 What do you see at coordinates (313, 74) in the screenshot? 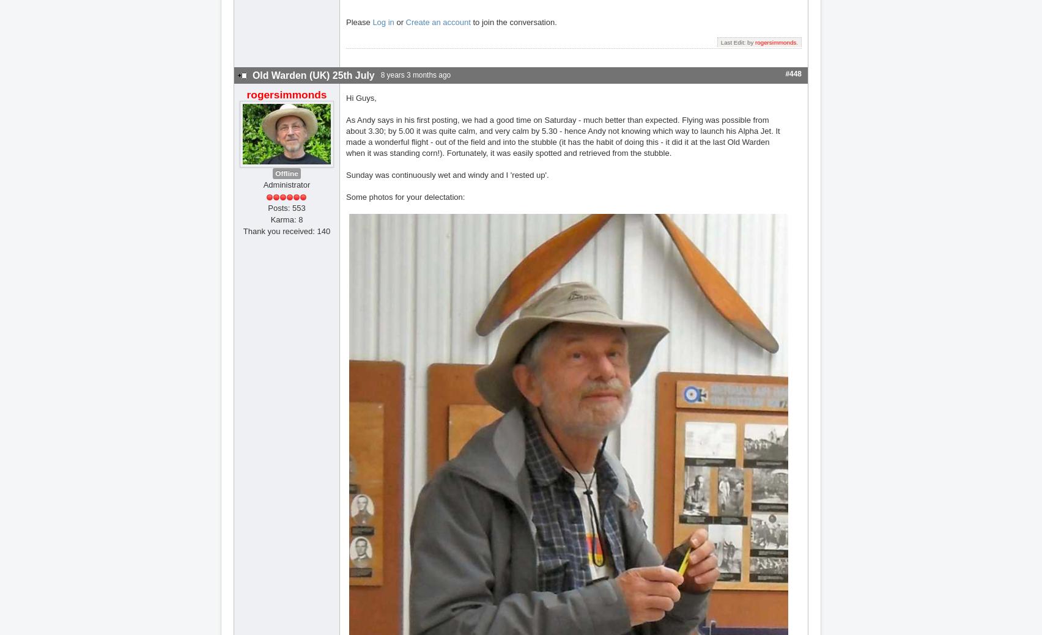
I see `'Old Warden (UK) 25th July'` at bounding box center [313, 74].